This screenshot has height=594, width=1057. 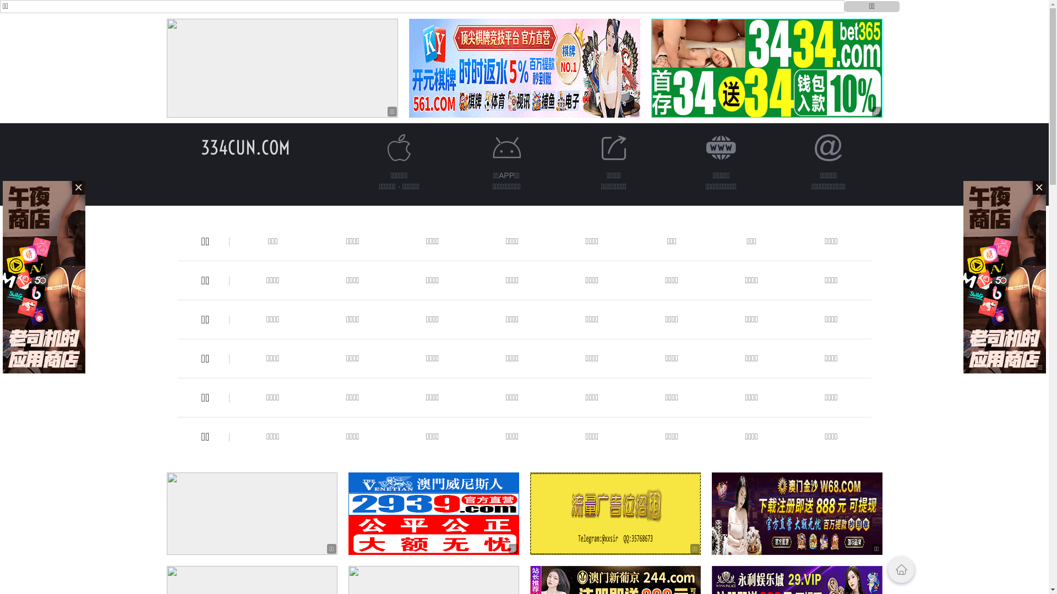 I want to click on '334CUN.COM', so click(x=244, y=147).